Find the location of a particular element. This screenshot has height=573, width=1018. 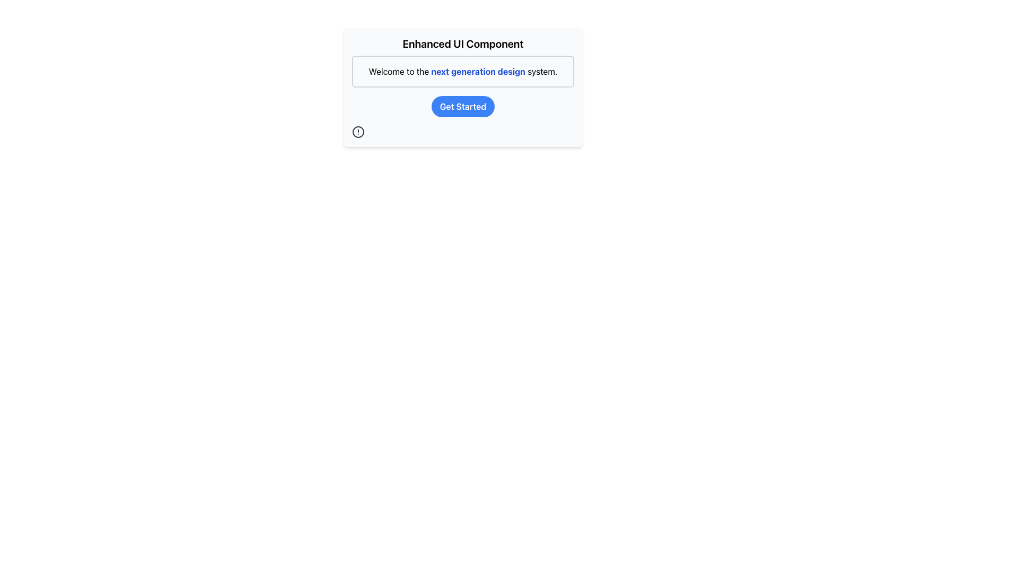

the Text Block that conveys a welcoming message, located below the title 'Enhanced UI Component' and above the 'Get Started' button in a card-like UI structure is located at coordinates (463, 72).